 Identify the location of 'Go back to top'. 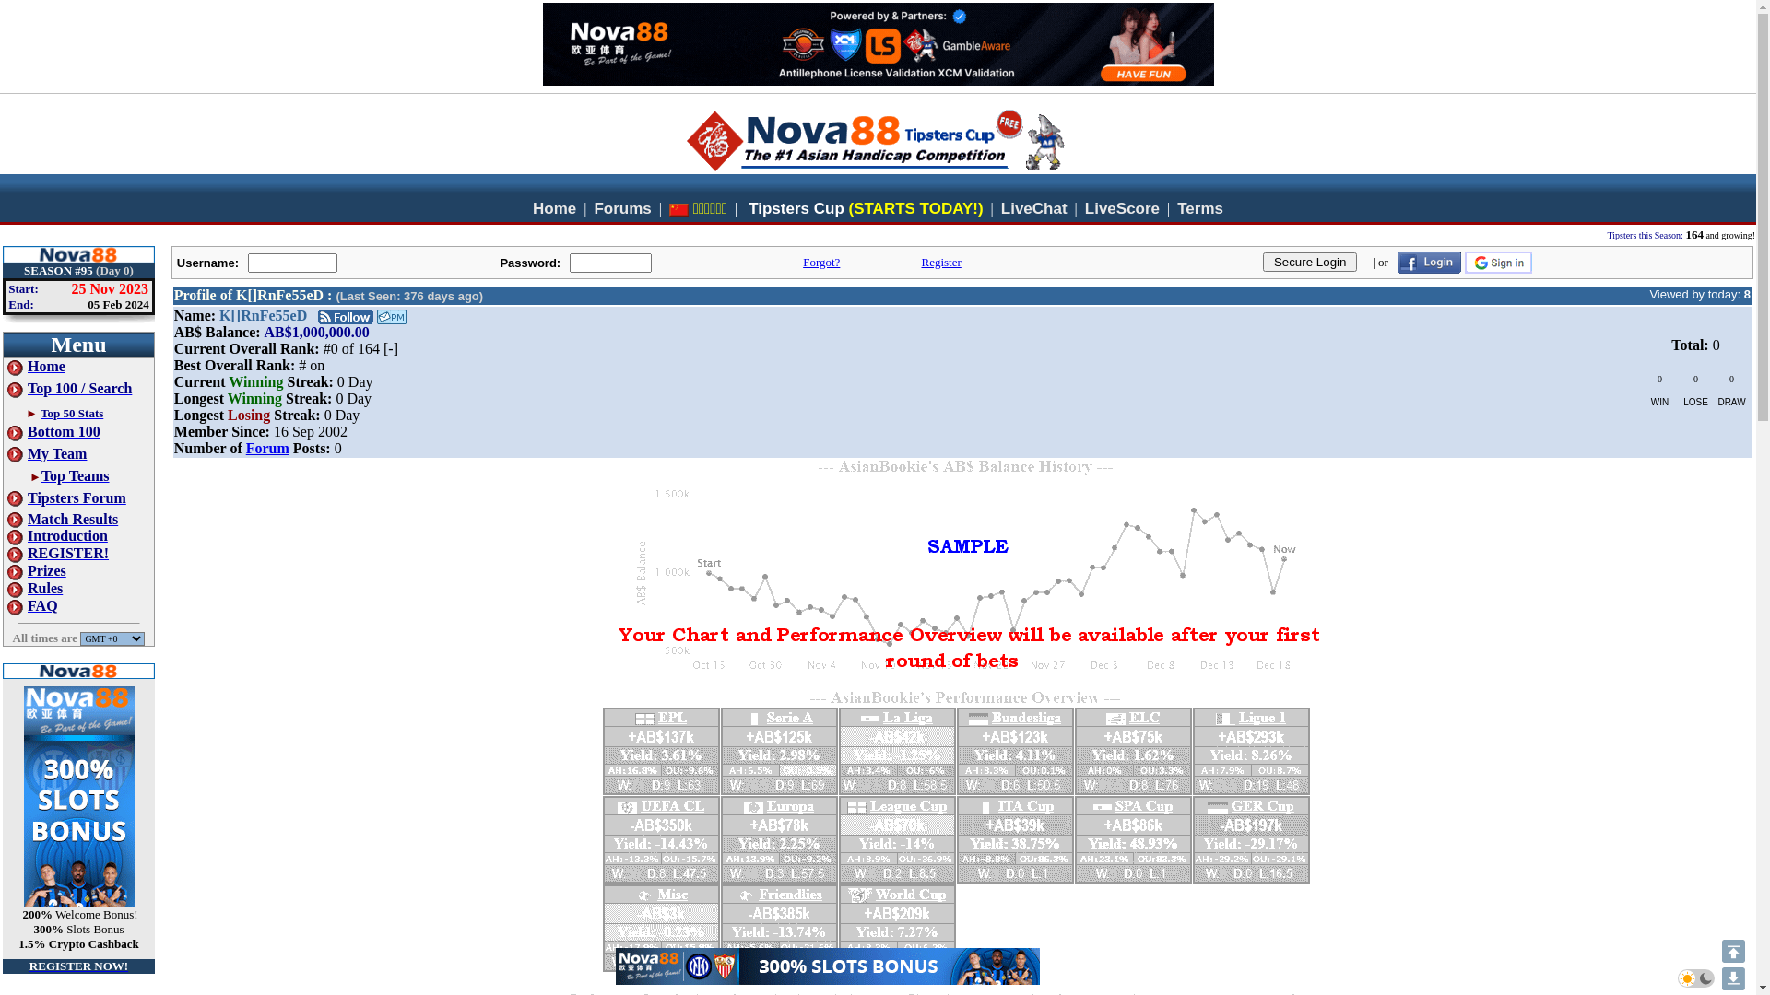
(1732, 951).